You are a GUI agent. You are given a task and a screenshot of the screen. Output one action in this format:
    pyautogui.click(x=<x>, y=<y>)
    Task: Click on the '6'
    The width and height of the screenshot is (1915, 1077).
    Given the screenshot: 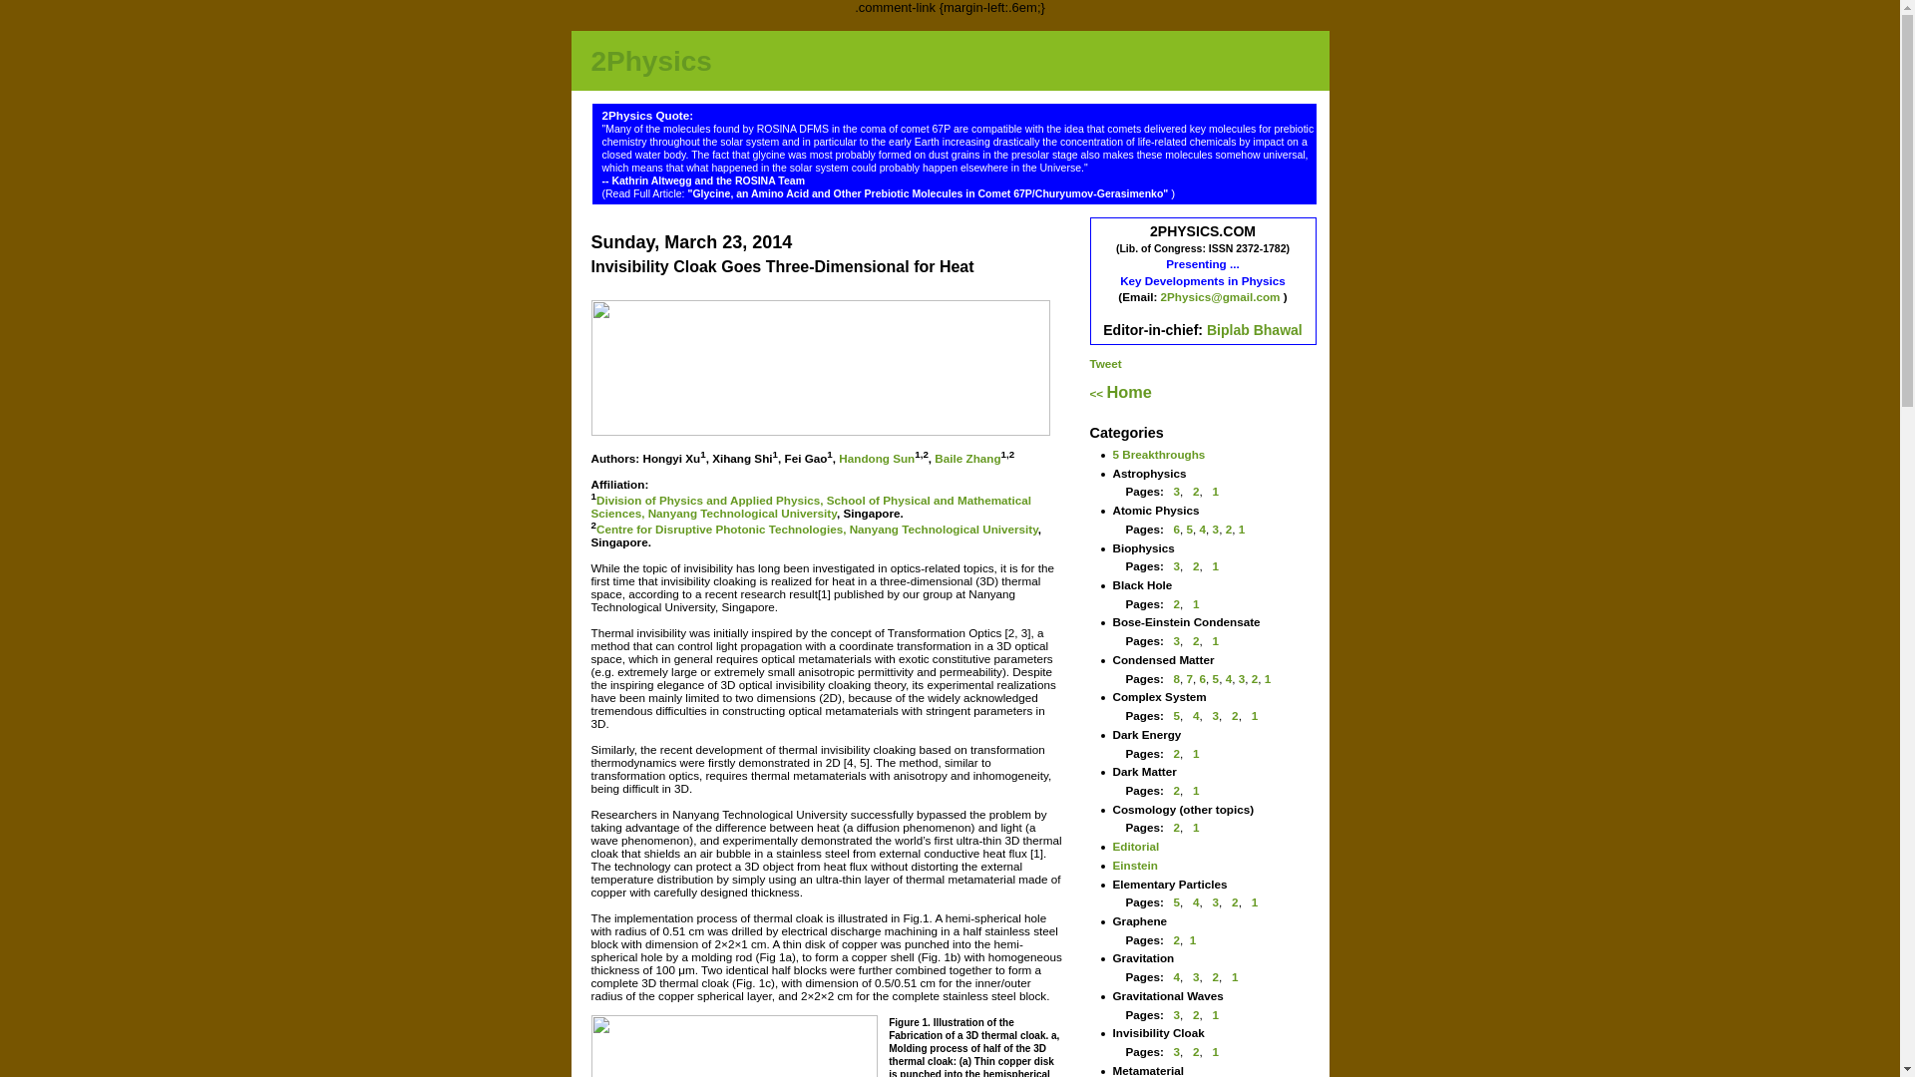 What is the action you would take?
    pyautogui.click(x=1202, y=677)
    